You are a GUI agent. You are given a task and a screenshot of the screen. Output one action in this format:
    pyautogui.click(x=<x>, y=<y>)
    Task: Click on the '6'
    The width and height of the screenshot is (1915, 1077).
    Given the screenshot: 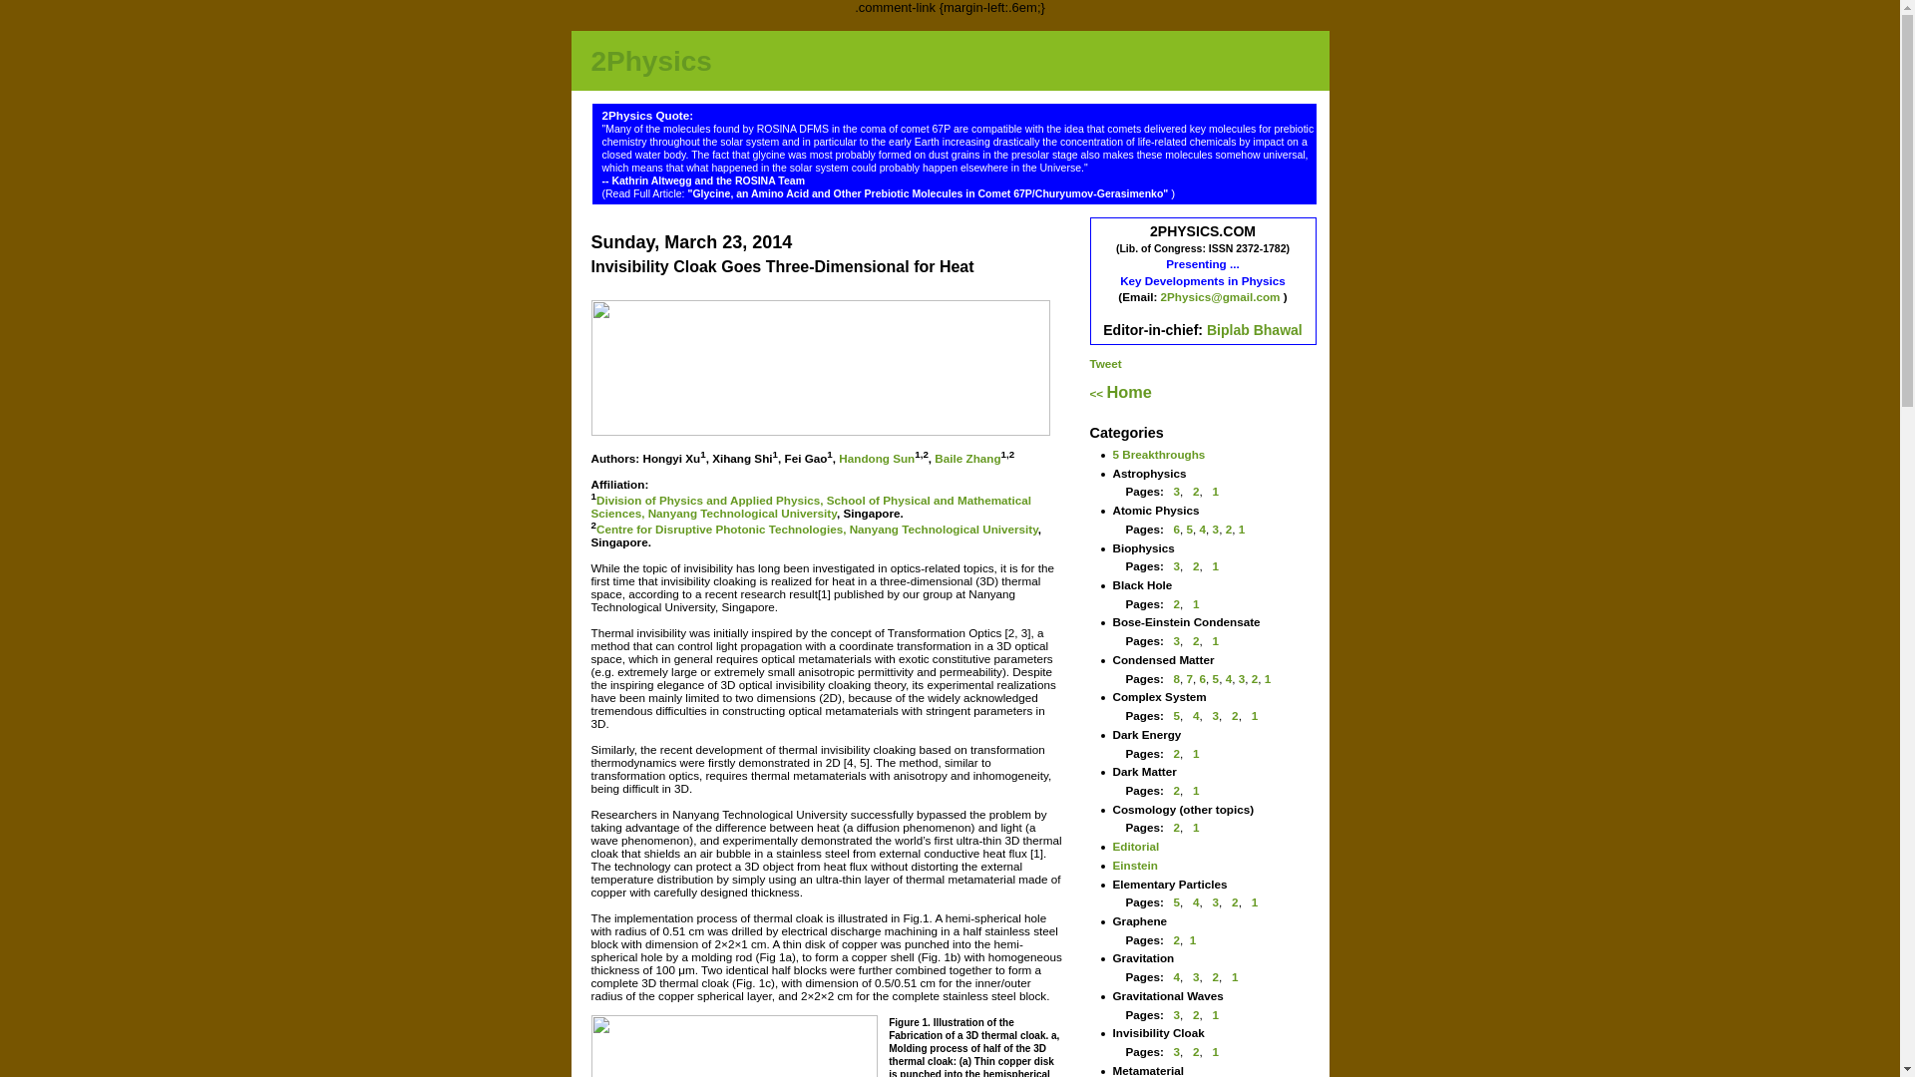 What is the action you would take?
    pyautogui.click(x=1202, y=677)
    